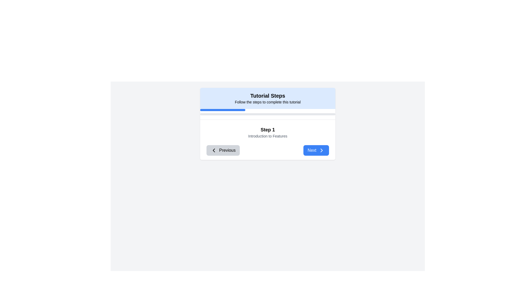  Describe the element at coordinates (267, 114) in the screenshot. I see `the visual progress bar background, which is a horizontal gray bar located beneath a blue progress bar within a tutorial card` at that location.